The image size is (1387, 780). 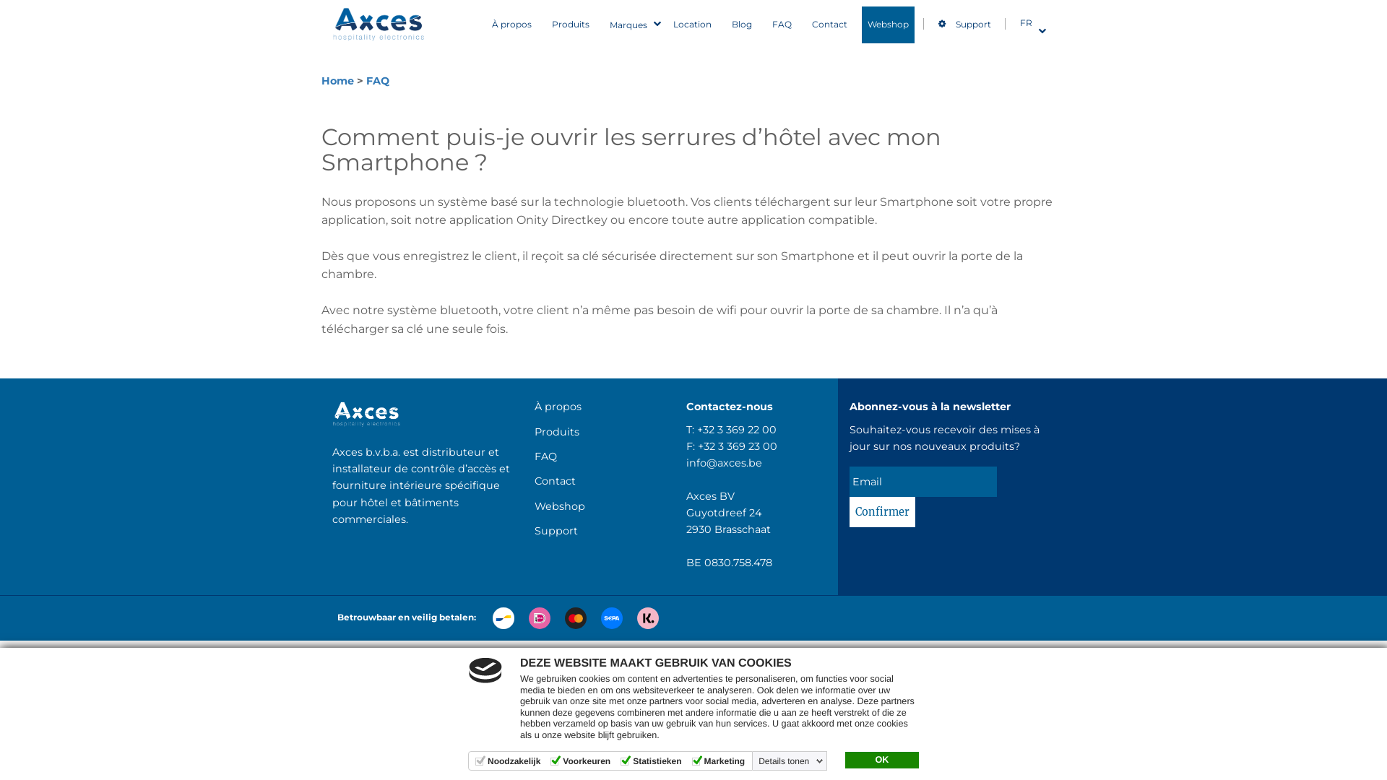 What do you see at coordinates (738, 445) in the screenshot?
I see `'+32 3 369 23 00'` at bounding box center [738, 445].